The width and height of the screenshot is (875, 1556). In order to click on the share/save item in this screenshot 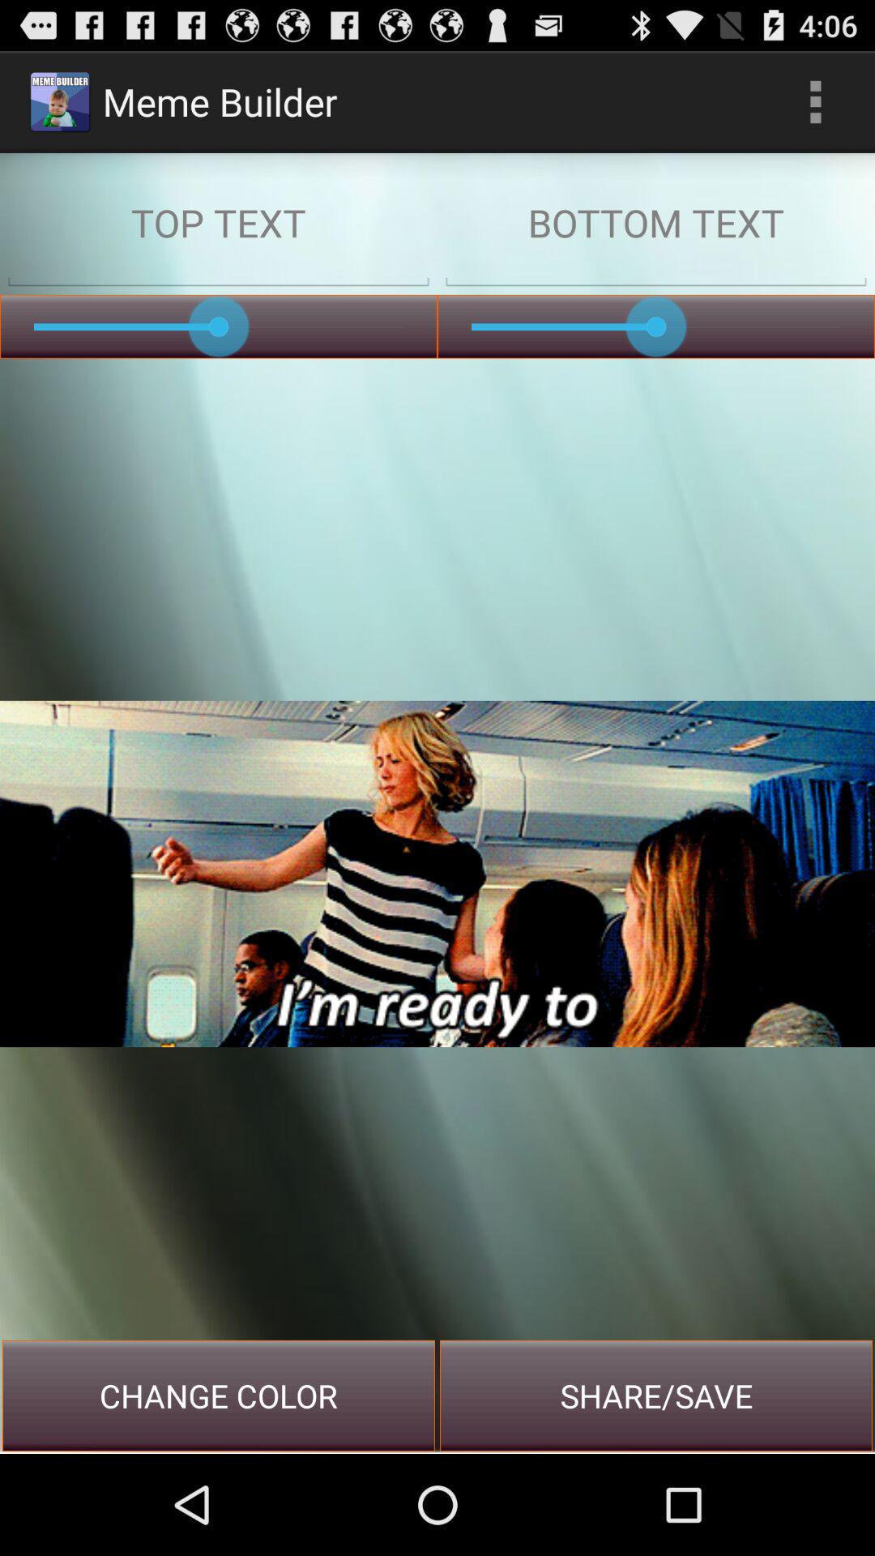, I will do `click(656, 1395)`.